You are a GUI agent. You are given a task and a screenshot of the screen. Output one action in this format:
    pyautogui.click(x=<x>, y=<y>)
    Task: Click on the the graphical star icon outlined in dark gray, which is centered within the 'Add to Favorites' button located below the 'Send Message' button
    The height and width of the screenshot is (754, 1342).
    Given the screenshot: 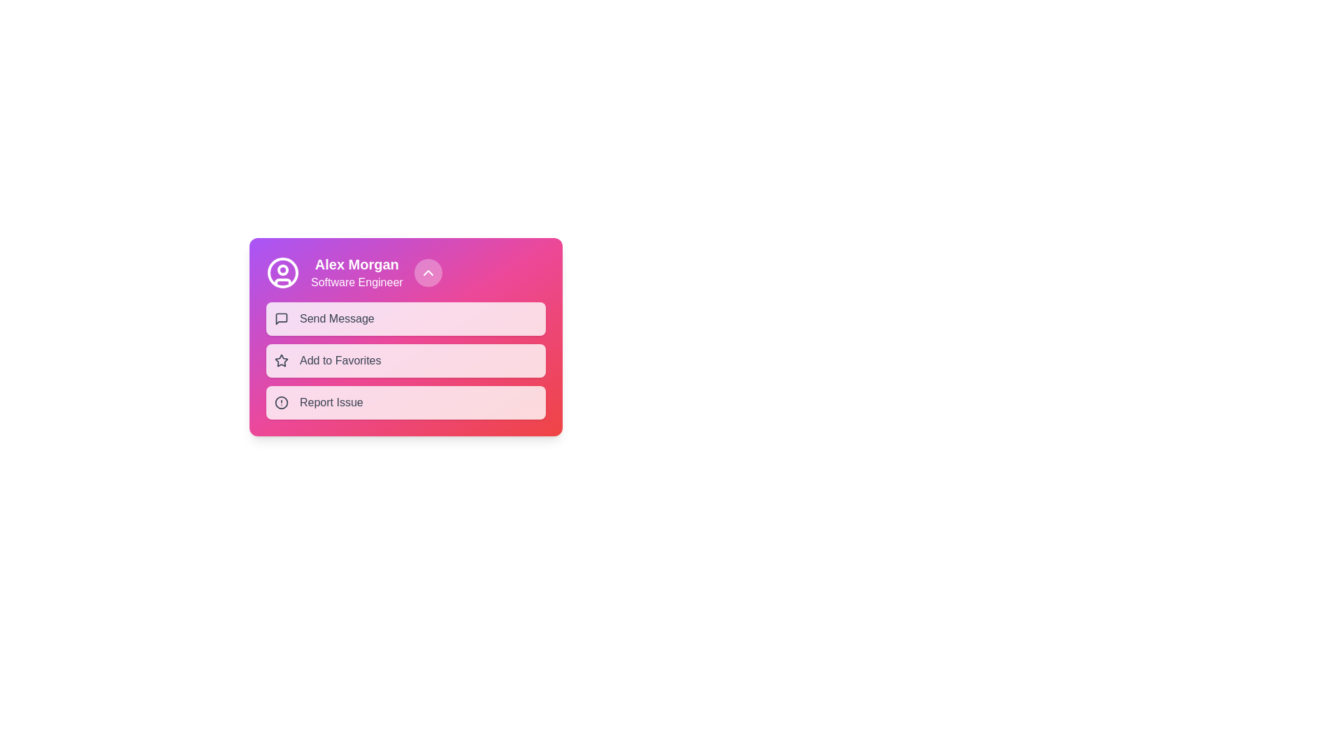 What is the action you would take?
    pyautogui.click(x=281, y=360)
    